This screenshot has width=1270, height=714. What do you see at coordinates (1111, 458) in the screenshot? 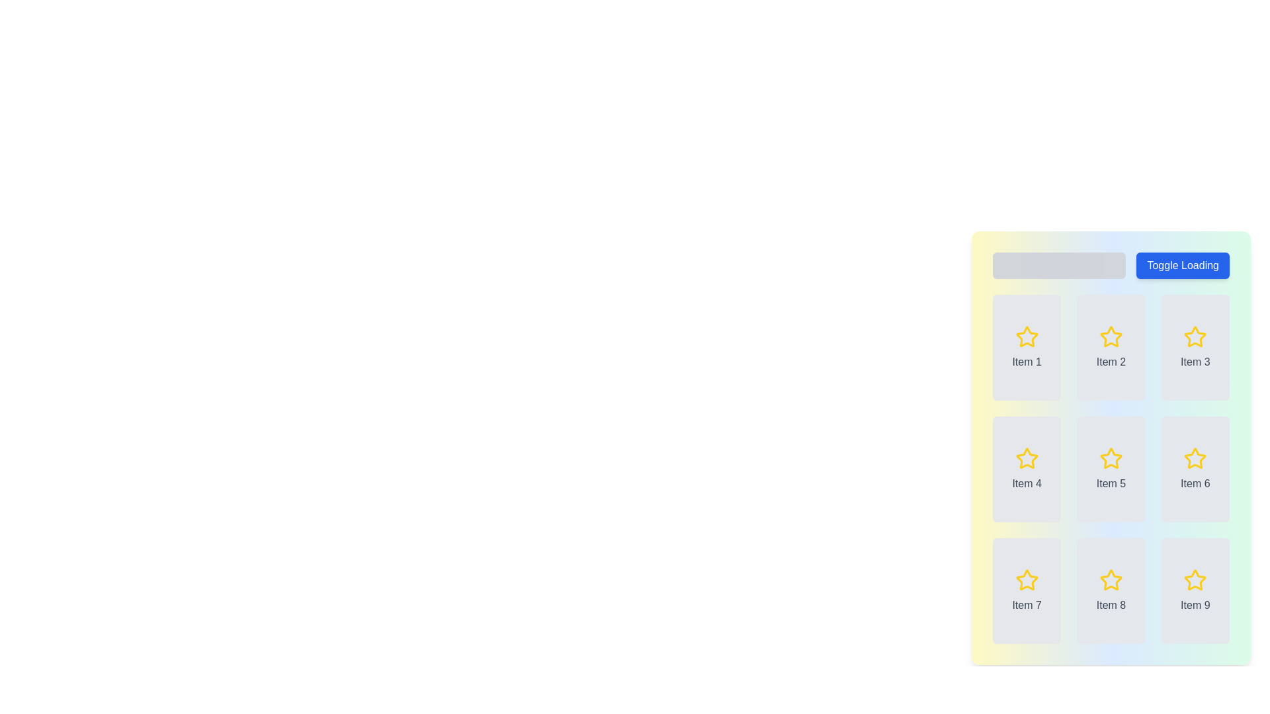
I see `the star icon with a yellow outline located in the center of the second row of a 3x3 grid layout, which has the label 'Item 5' below it` at bounding box center [1111, 458].